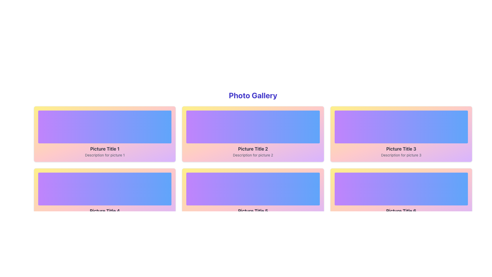  Describe the element at coordinates (401, 134) in the screenshot. I see `the card displaying the title and description of the associated picture, located in the third position of the top row in the gallery grid layout` at that location.